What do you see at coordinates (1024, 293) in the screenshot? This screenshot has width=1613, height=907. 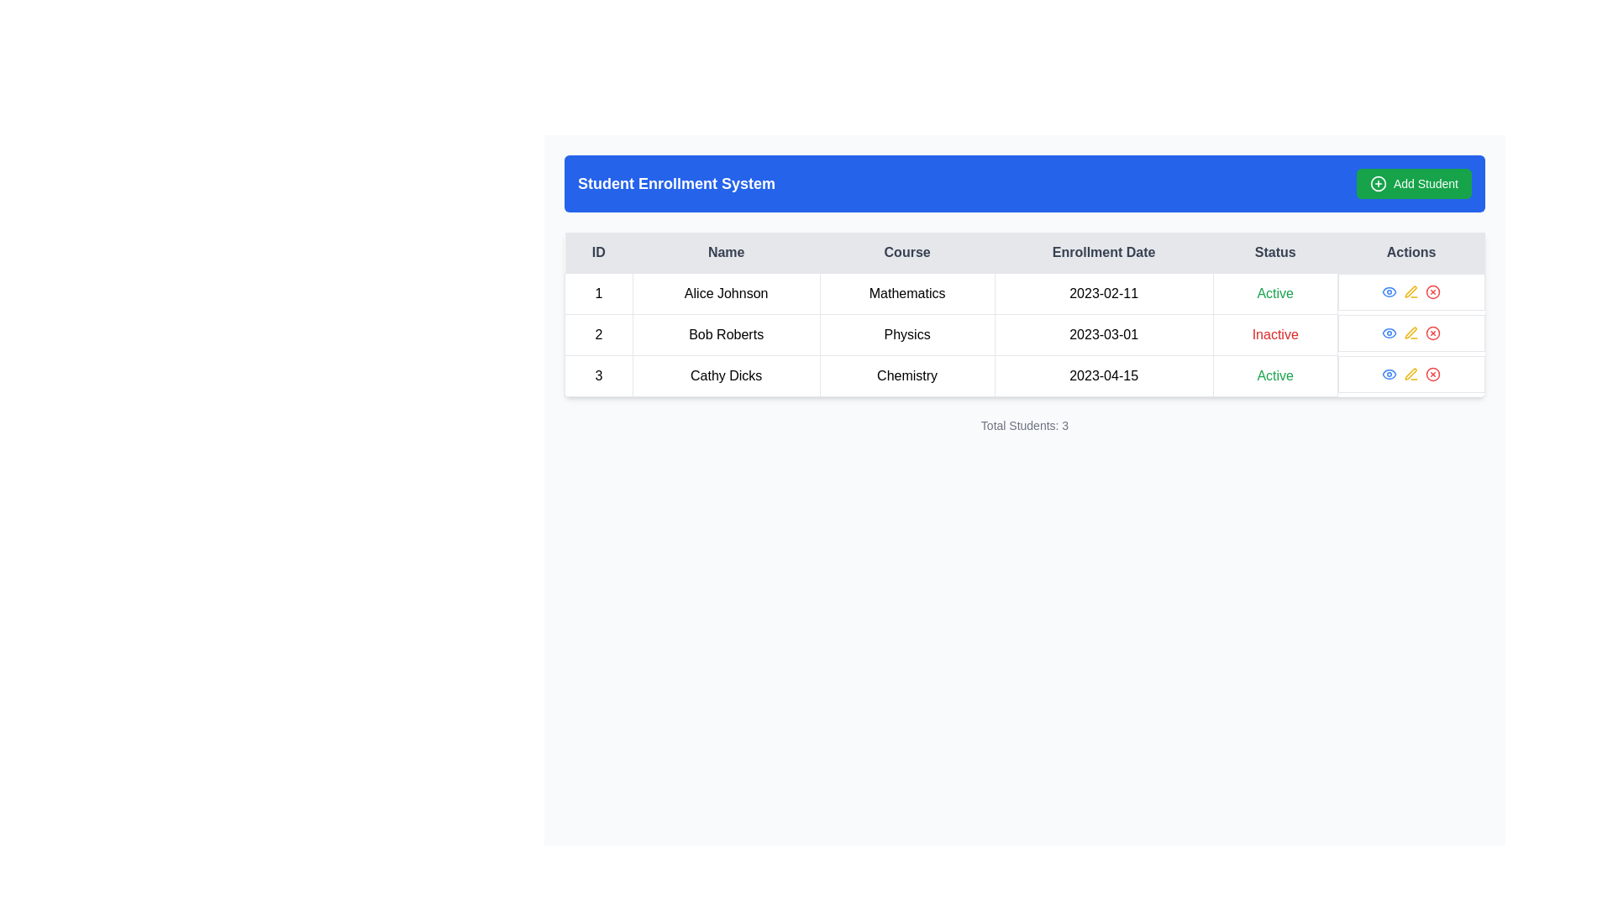 I see `details of the first row in the student enrollment table, which displays information about students including ID, name, course, enrollment date, and status` at bounding box center [1024, 293].